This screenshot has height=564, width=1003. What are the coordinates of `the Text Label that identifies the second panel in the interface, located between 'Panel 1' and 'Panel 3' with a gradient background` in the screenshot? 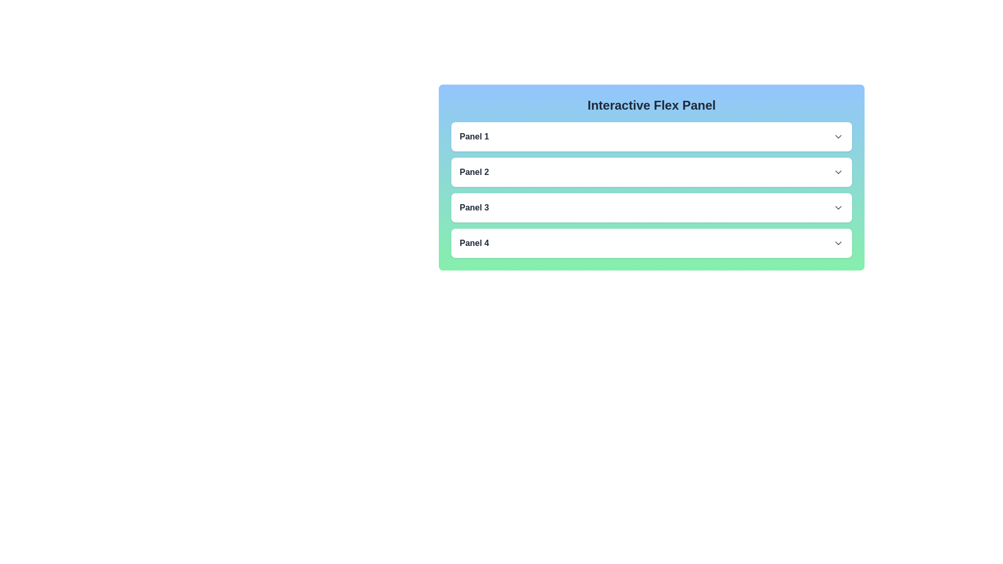 It's located at (473, 172).